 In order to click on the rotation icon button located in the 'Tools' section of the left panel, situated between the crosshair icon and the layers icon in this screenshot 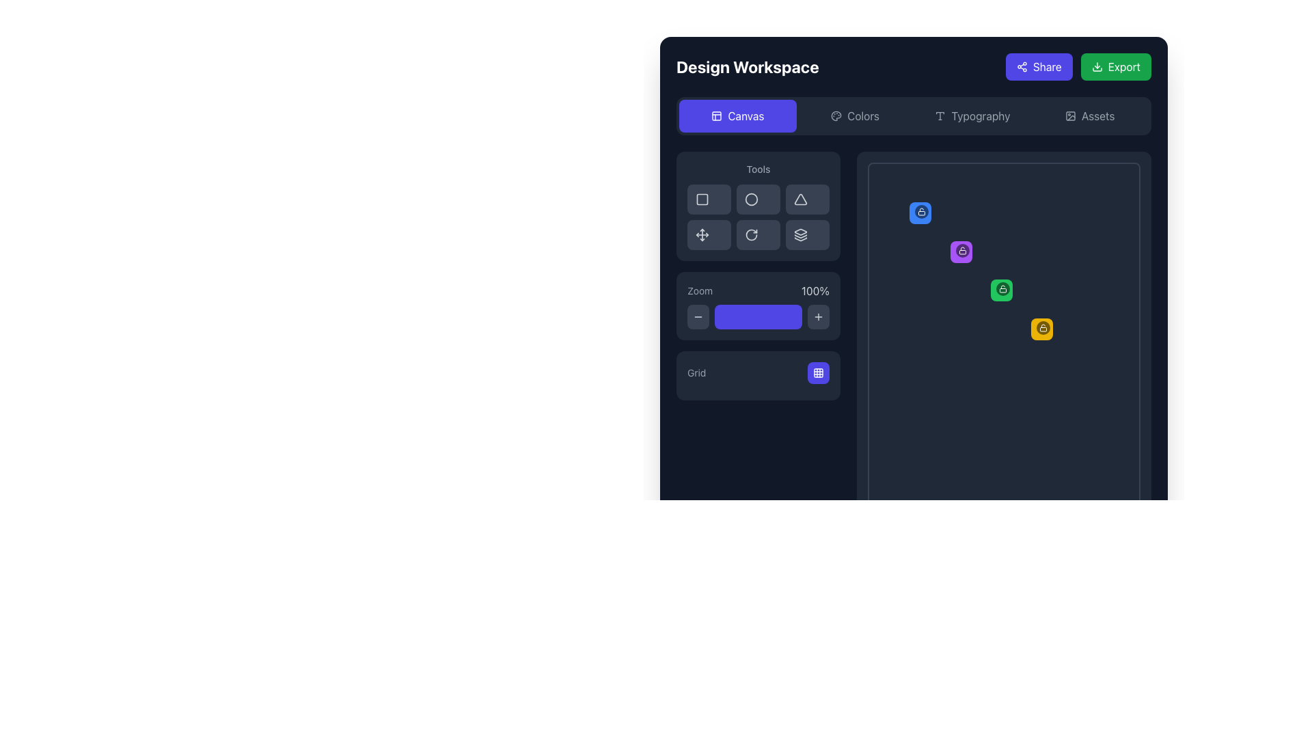, I will do `click(750, 234)`.